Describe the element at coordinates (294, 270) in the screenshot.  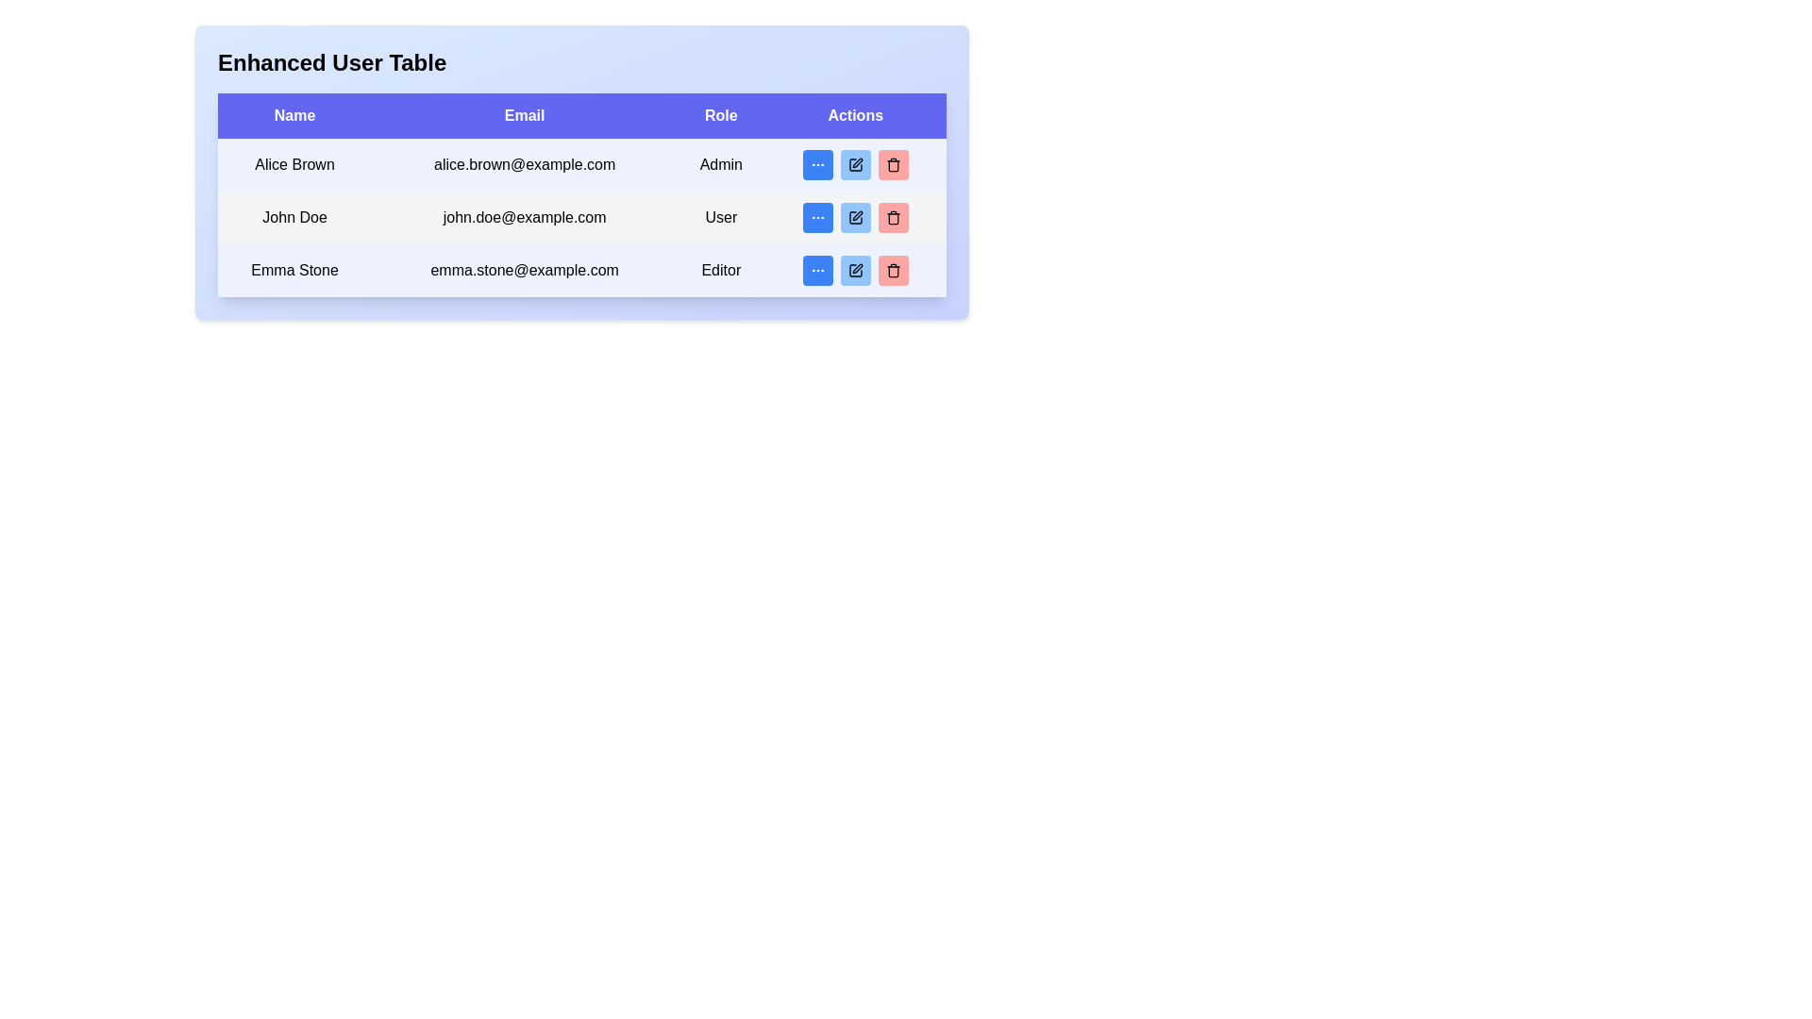
I see `the static text label displaying 'Emma Stone' in the first cell of the third row under the 'Name' column` at that location.